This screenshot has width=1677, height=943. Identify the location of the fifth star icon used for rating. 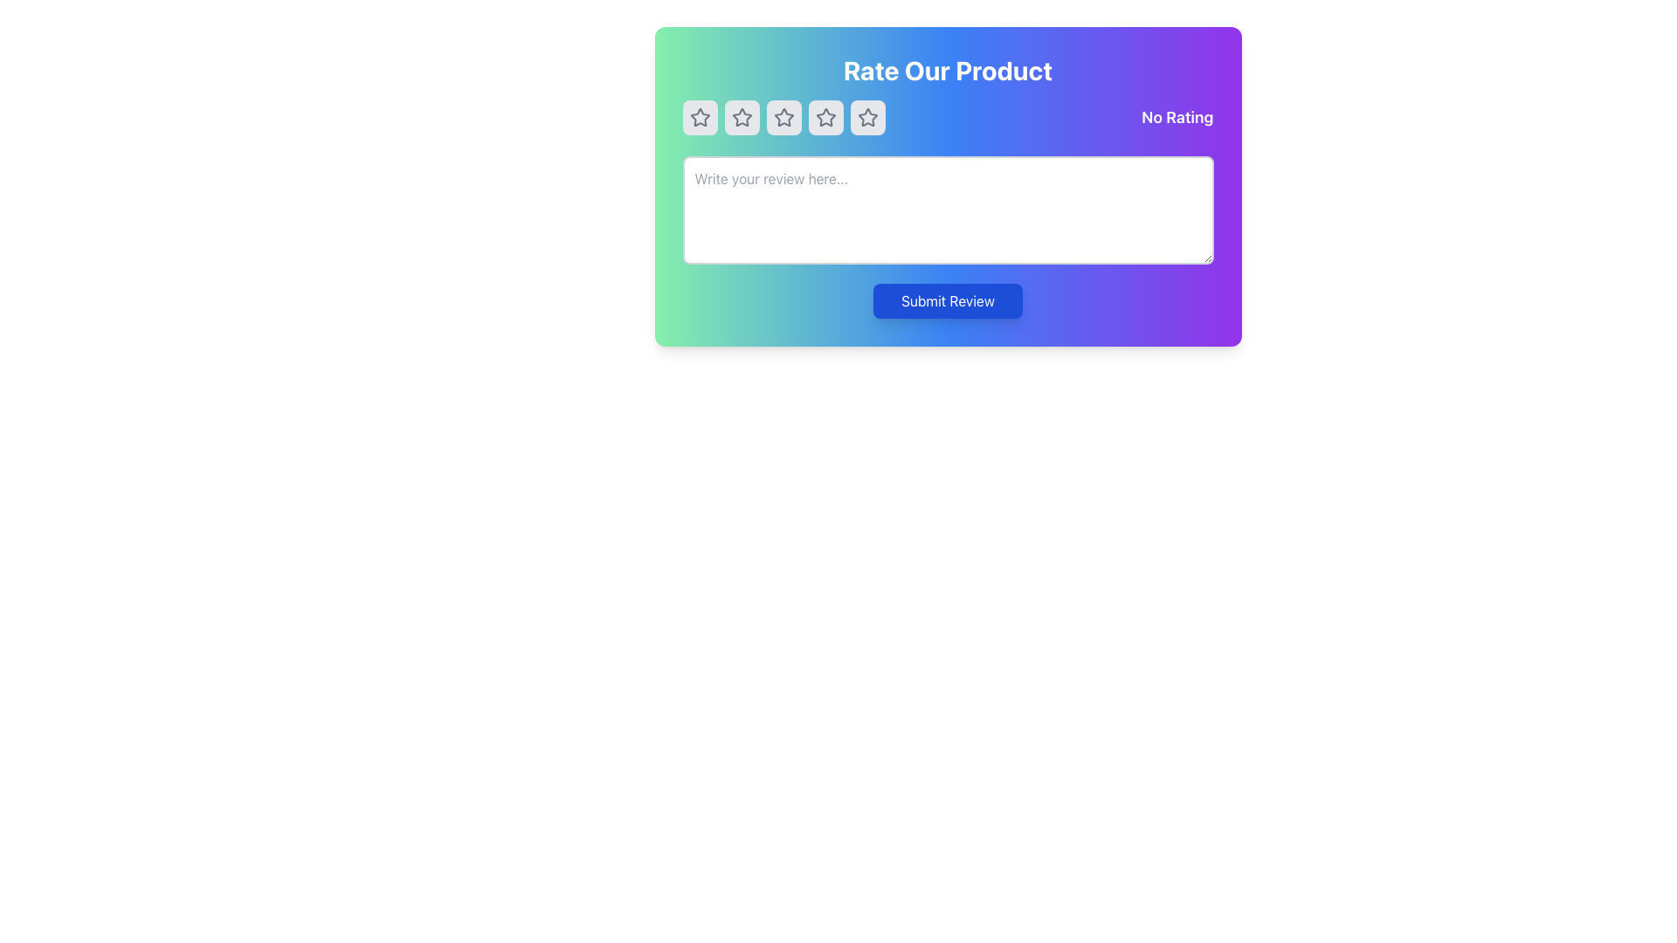
(867, 118).